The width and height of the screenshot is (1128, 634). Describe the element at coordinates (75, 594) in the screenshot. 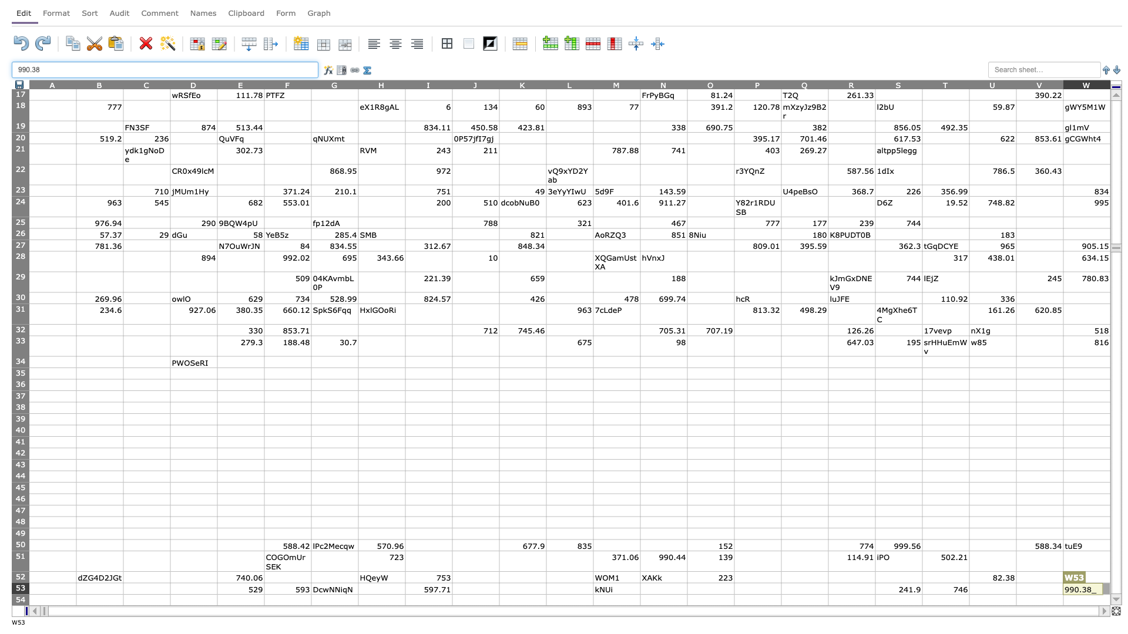

I see `Upper left of B54` at that location.